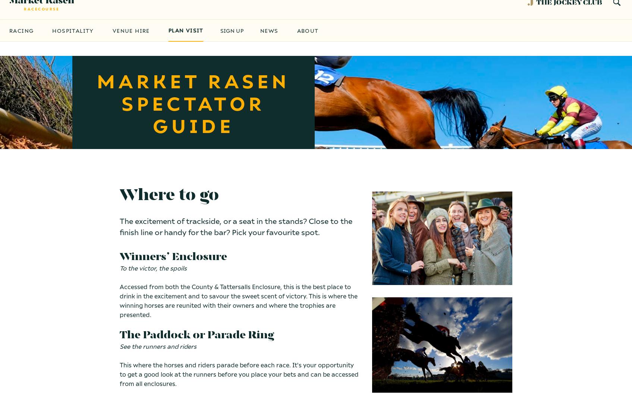 This screenshot has height=402, width=632. What do you see at coordinates (21, 44) in the screenshot?
I see `'Racing'` at bounding box center [21, 44].